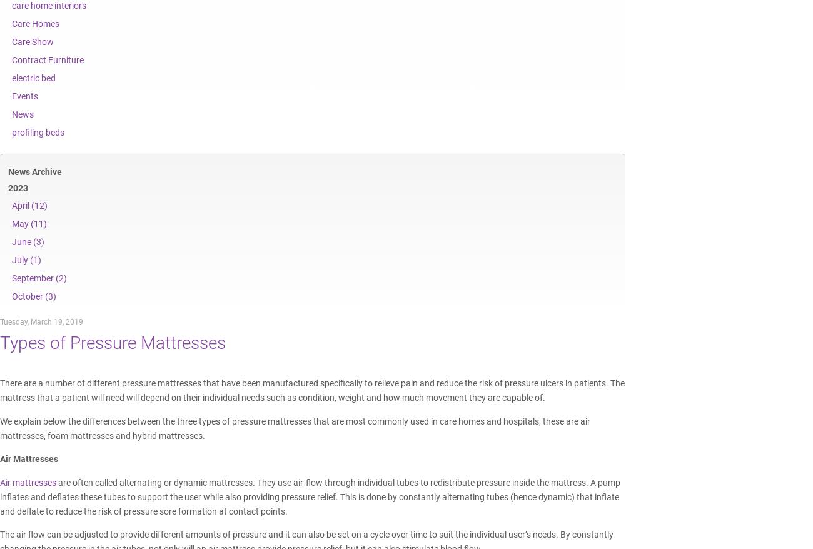  What do you see at coordinates (26, 259) in the screenshot?
I see `'July
                                            (1)'` at bounding box center [26, 259].